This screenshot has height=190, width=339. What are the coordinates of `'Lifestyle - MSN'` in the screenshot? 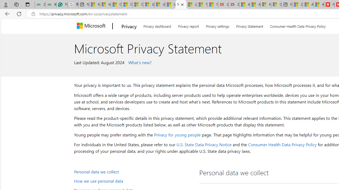 It's located at (191, 4).